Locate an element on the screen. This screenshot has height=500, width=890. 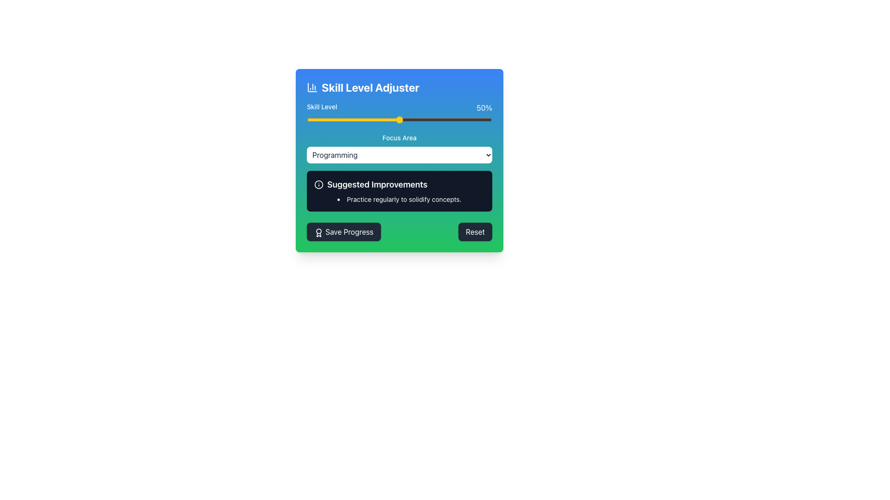
the award icon SVG element located on the left side of the 'Save Progress' button, which has a dark background and rounded corners is located at coordinates (318, 231).